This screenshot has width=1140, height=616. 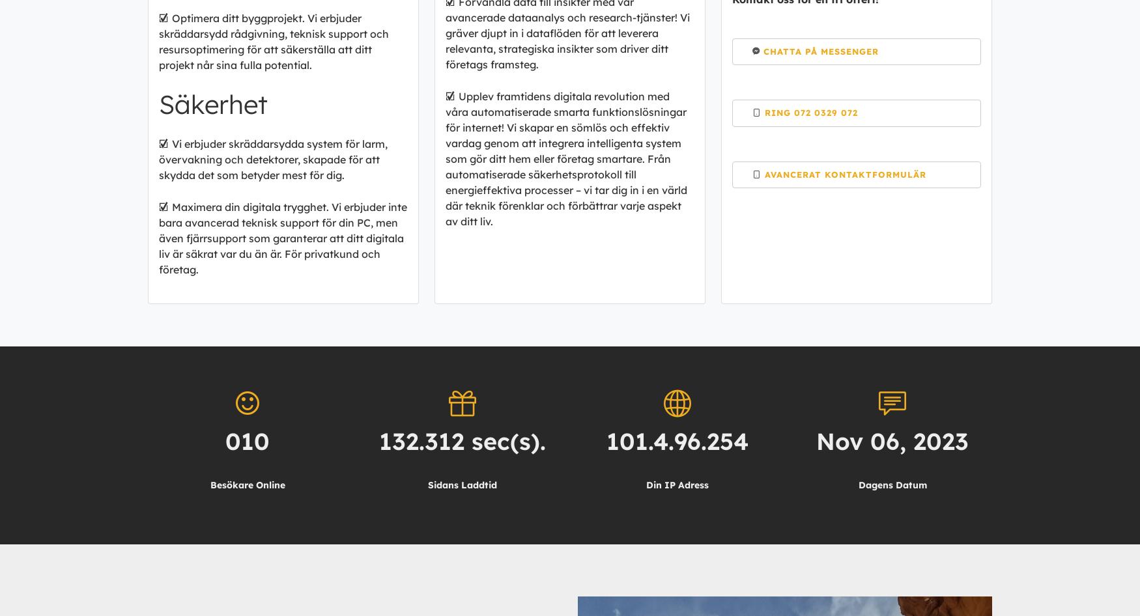 I want to click on 'Ring 072 0329 072', so click(x=811, y=113).